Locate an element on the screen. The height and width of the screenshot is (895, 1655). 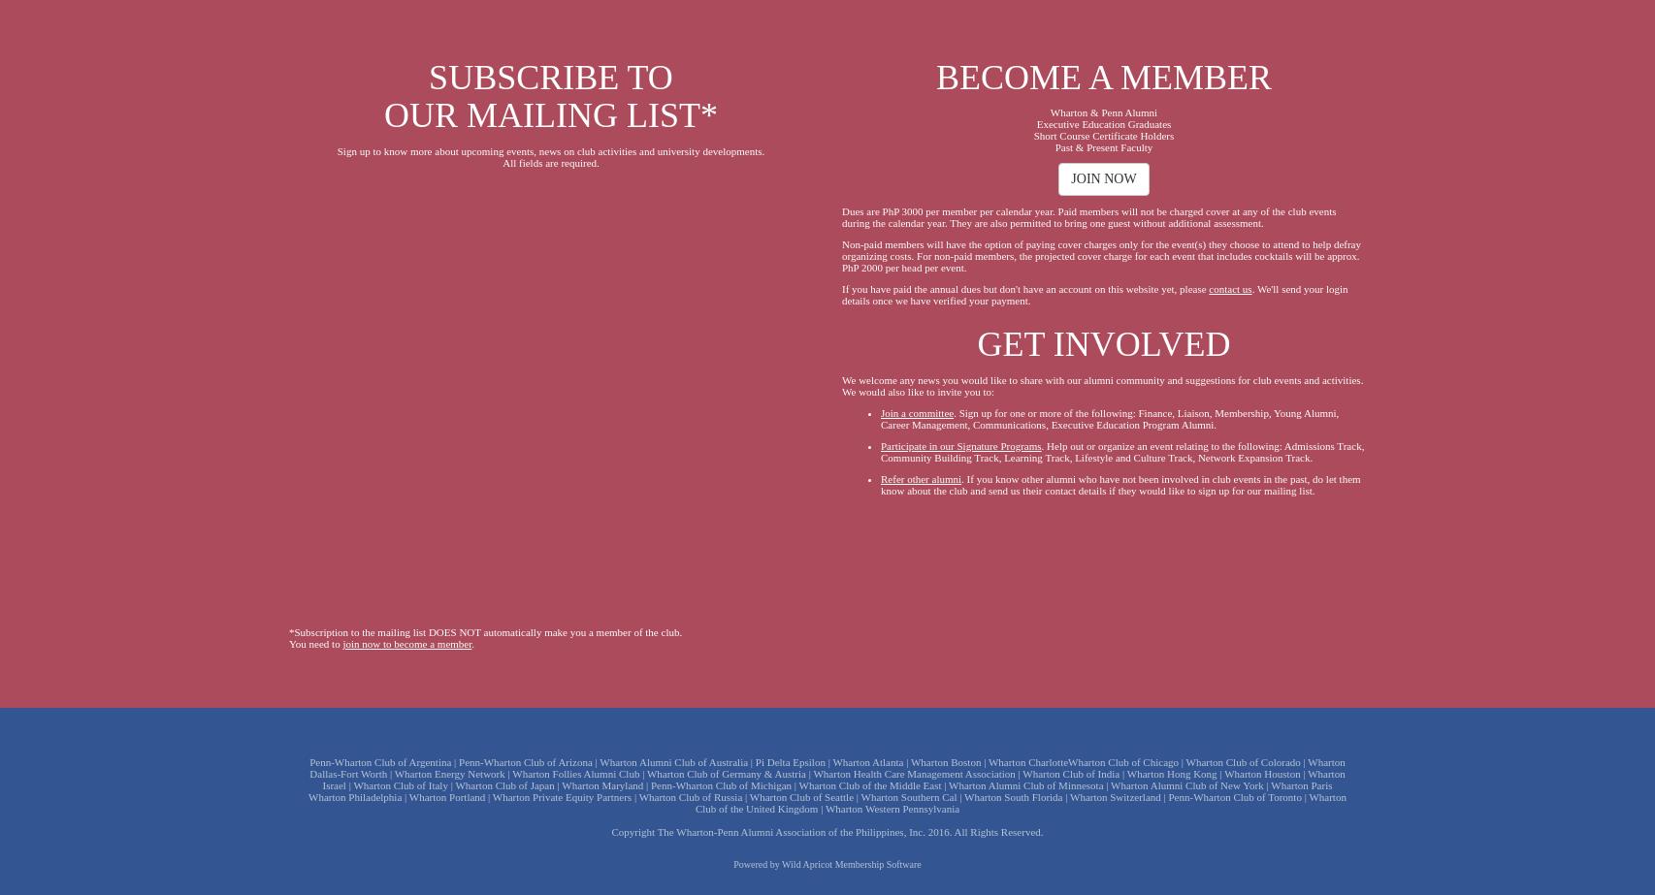
'GET INVOLVED' is located at coordinates (1103, 343).